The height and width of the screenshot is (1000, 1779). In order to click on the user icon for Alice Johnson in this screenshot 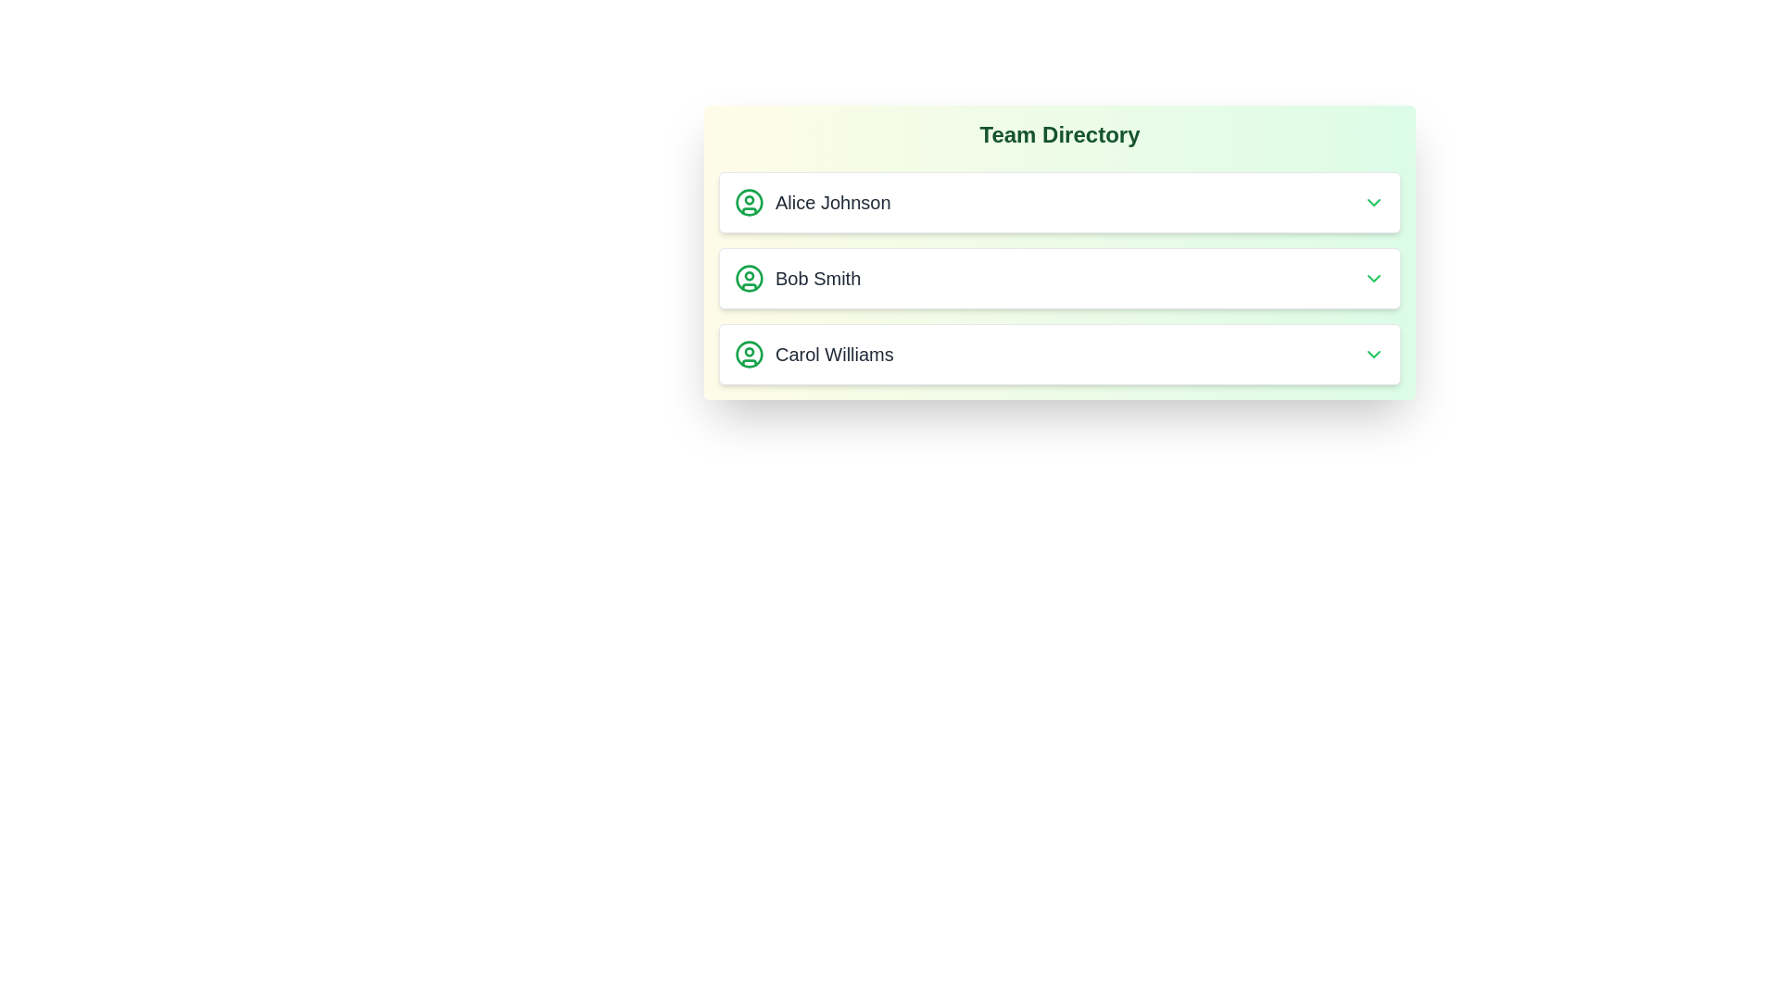, I will do `click(750, 203)`.